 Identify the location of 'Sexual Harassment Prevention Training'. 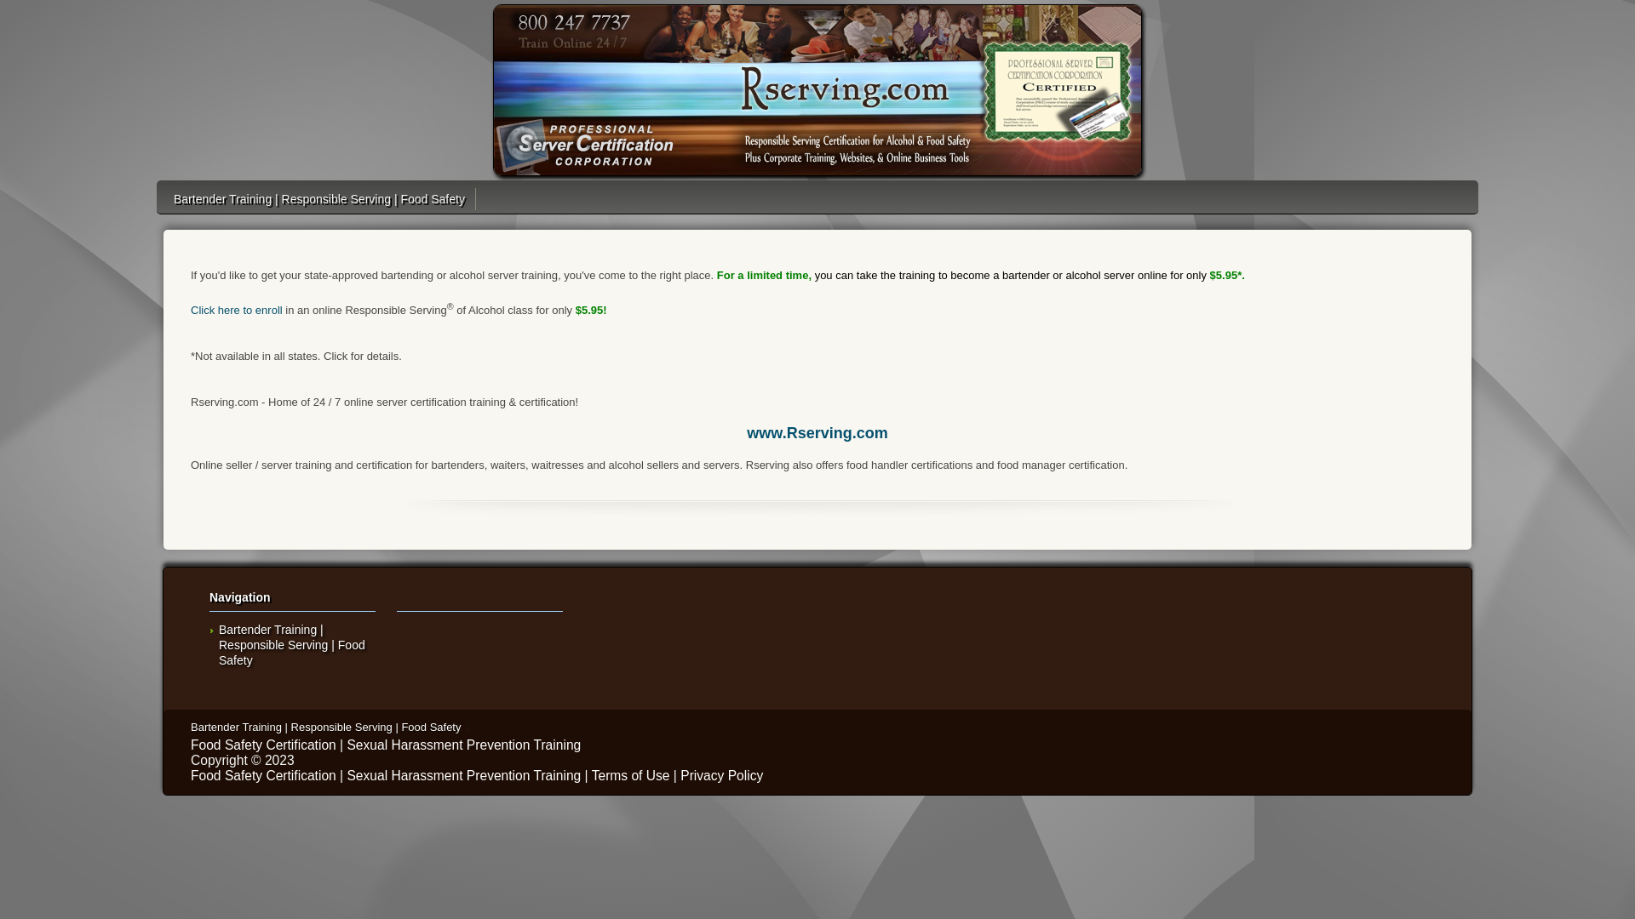
(463, 744).